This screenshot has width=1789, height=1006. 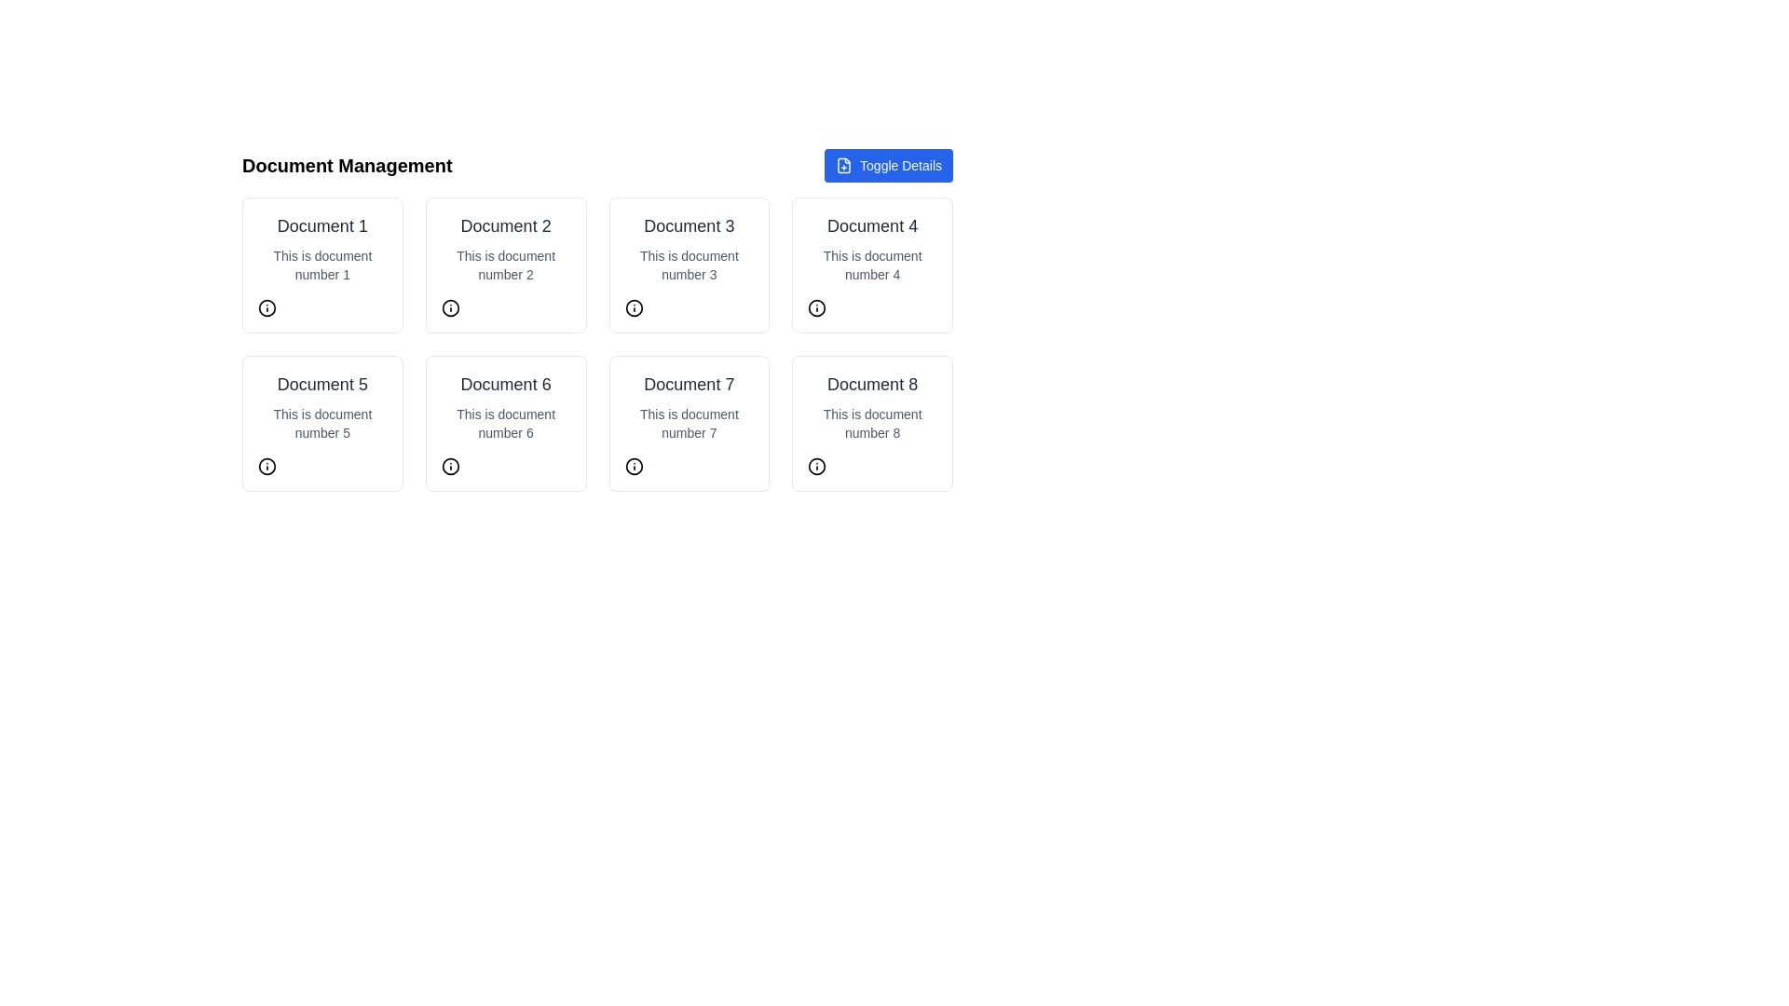 What do you see at coordinates (506, 383) in the screenshot?
I see `text of the label identifying the document as number six, located in the upper portion of the card labeled 'Document 6', which is in the second row, first column of the grid layout` at bounding box center [506, 383].